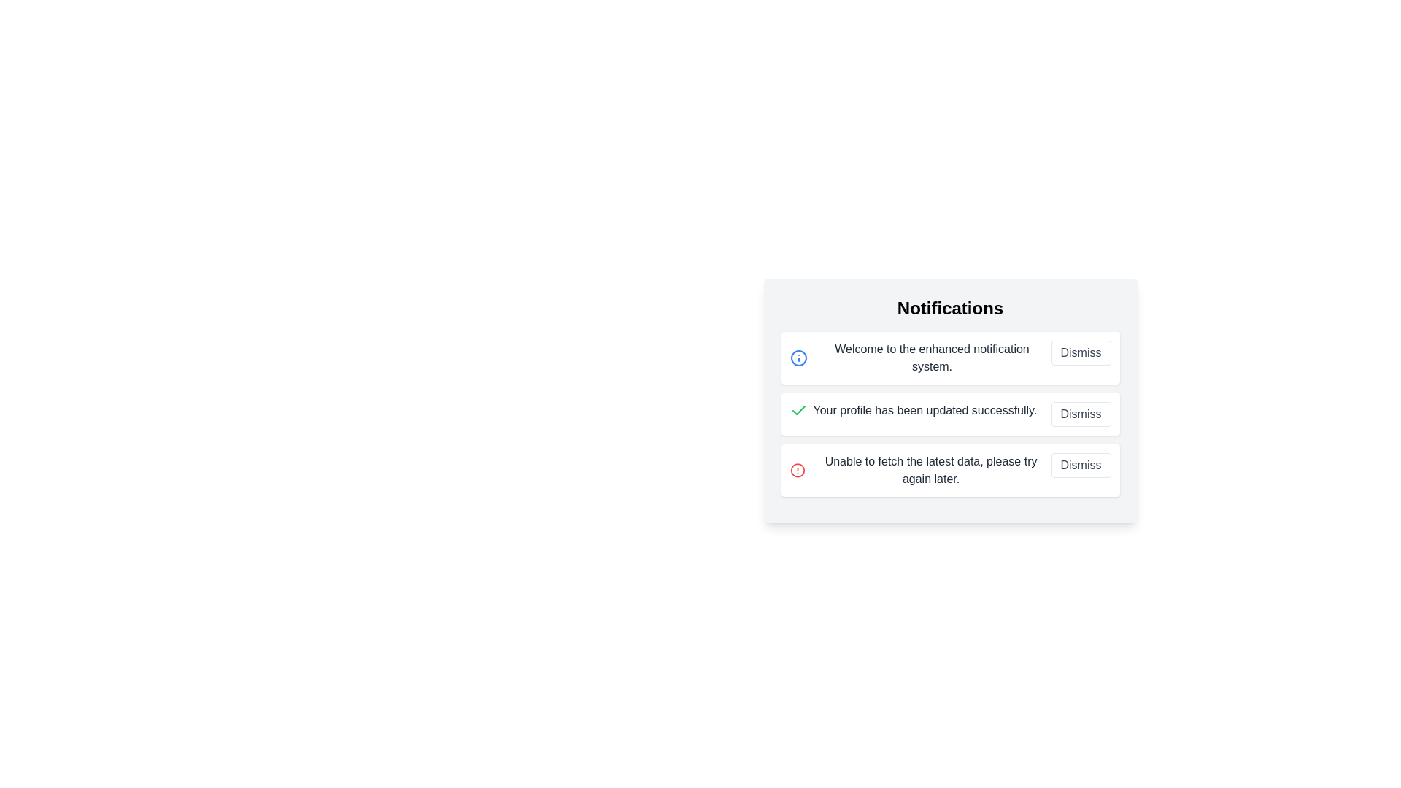  What do you see at coordinates (1081, 352) in the screenshot?
I see `the 'Dismiss' button with a gray border and rounded corners located in the top-right corner adjacent to the notification text` at bounding box center [1081, 352].